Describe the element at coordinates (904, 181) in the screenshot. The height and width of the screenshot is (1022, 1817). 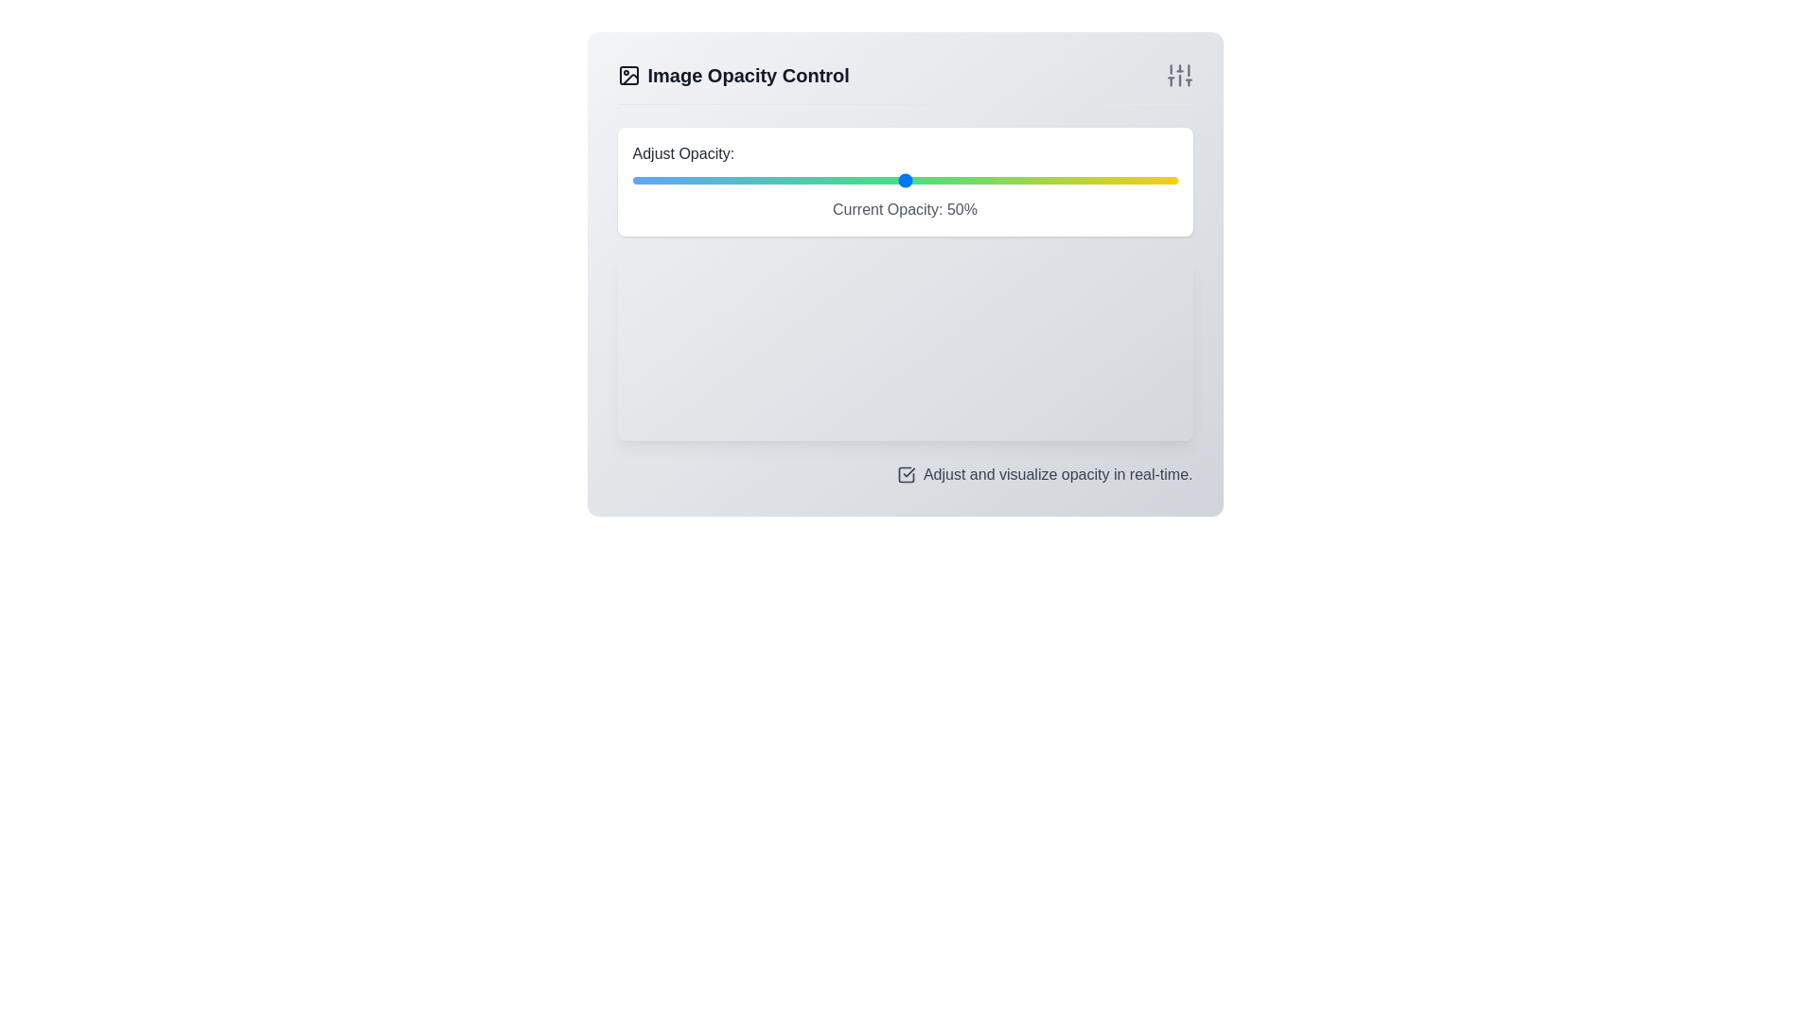
I see `the circular knob of the horizontal range slider input, located below the label 'Adjust Opacity:' and above the text display 'Current Opacity: 50%'` at that location.